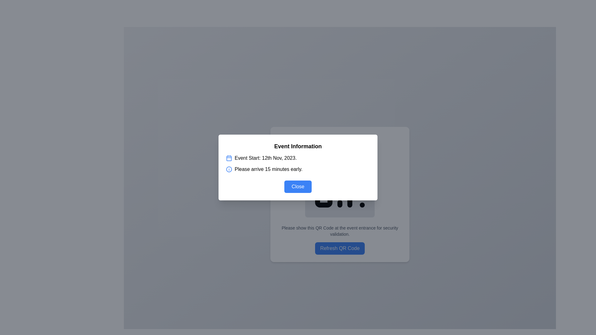  I want to click on the informational text that notifies users about arriving early for an event, located below 'Event Start: 12th Nov, 2023.' and above the 'Close' button, so click(269, 169).